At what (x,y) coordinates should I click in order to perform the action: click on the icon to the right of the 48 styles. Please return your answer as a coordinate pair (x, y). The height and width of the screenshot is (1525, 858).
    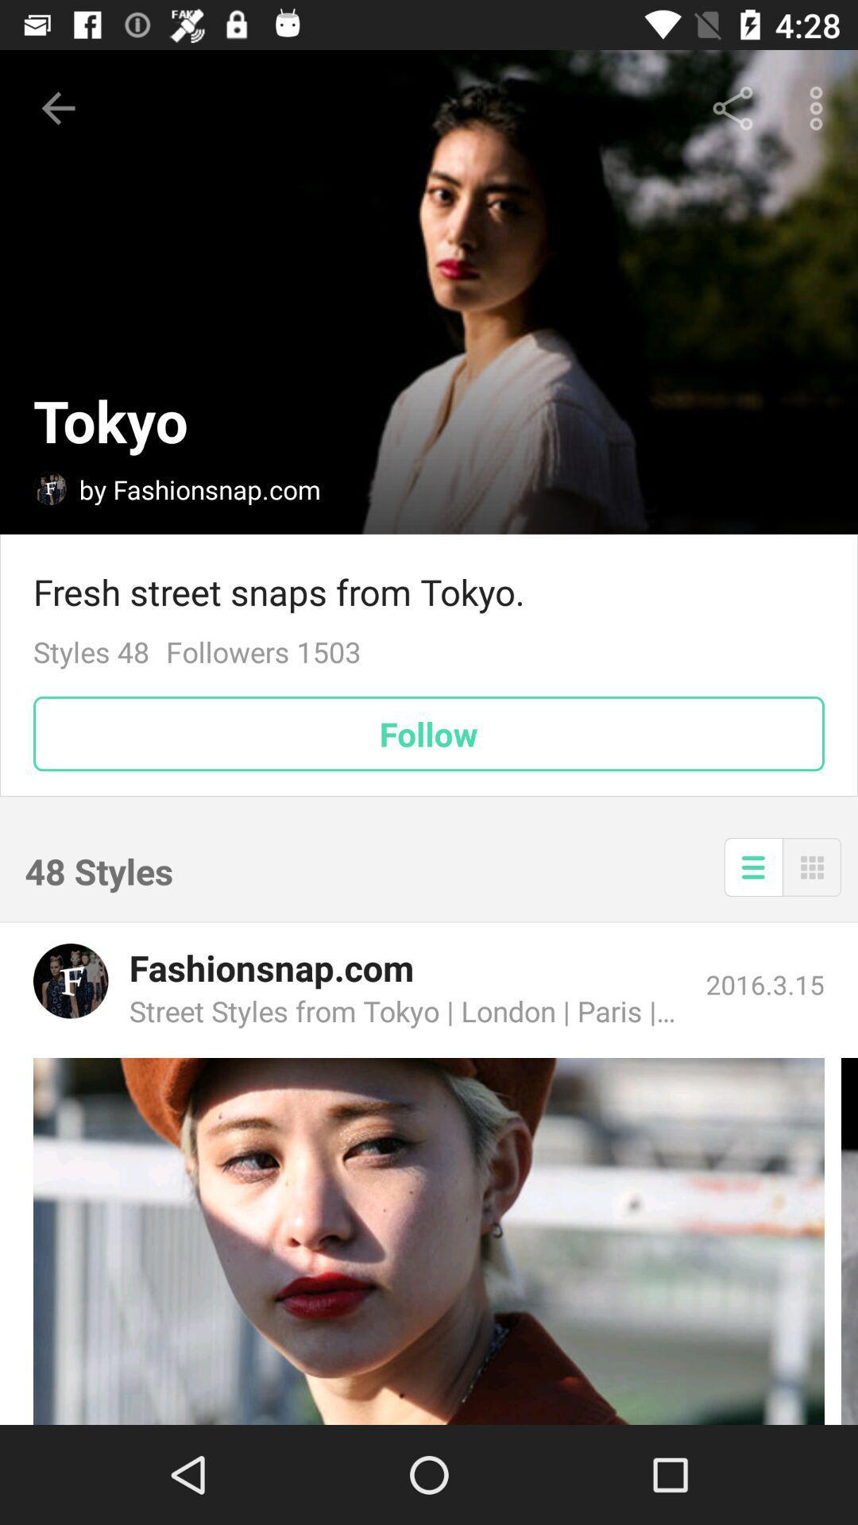
    Looking at the image, I should click on (752, 866).